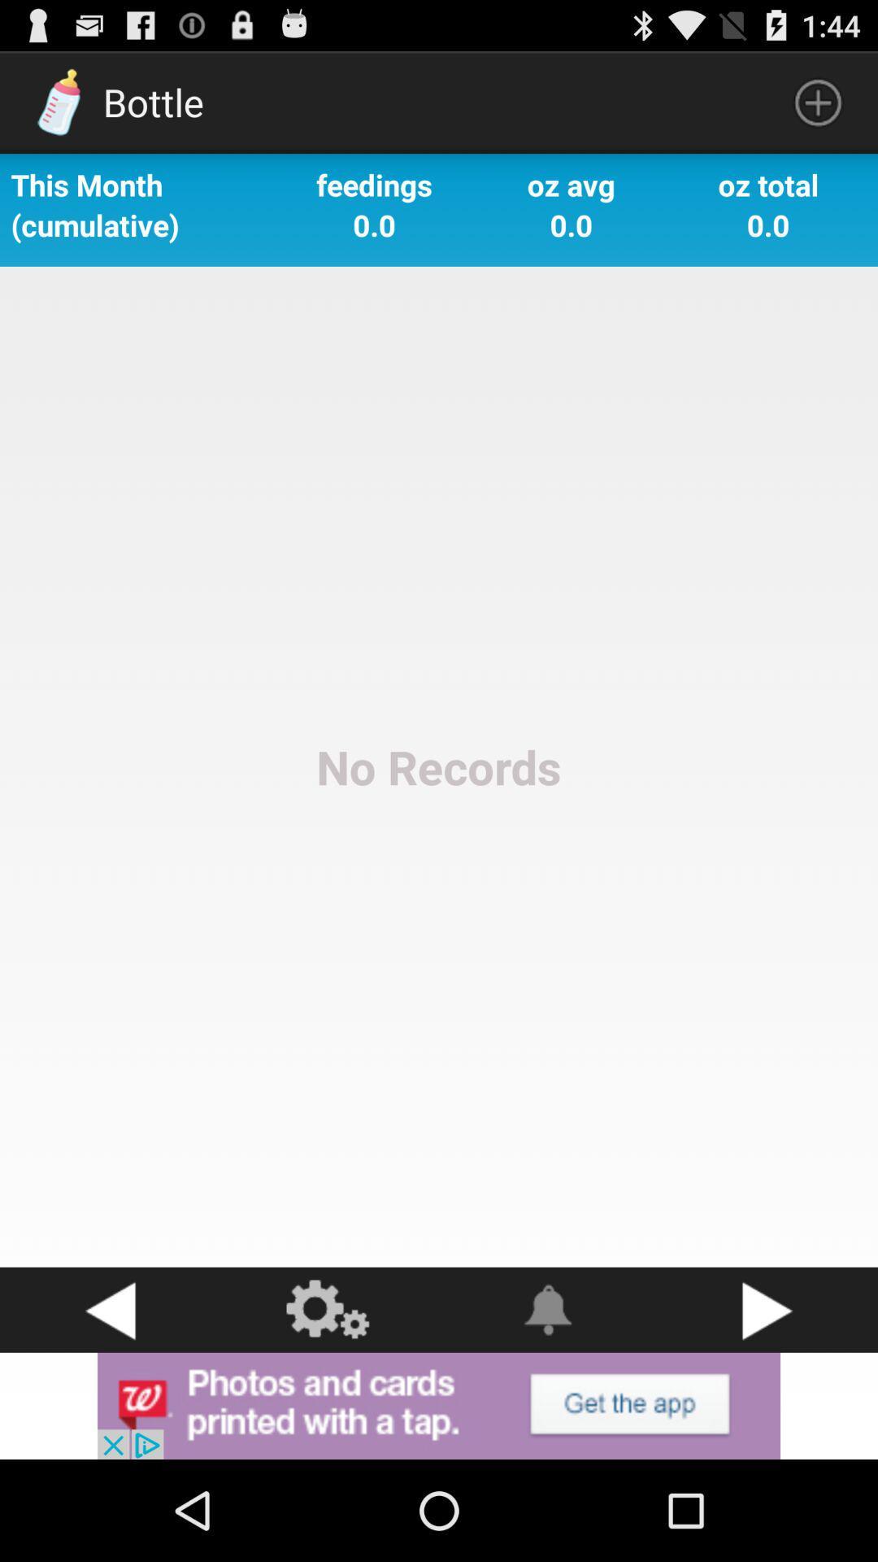 The width and height of the screenshot is (878, 1562). Describe the element at coordinates (549, 1310) in the screenshot. I see `swtich autoplay option` at that location.